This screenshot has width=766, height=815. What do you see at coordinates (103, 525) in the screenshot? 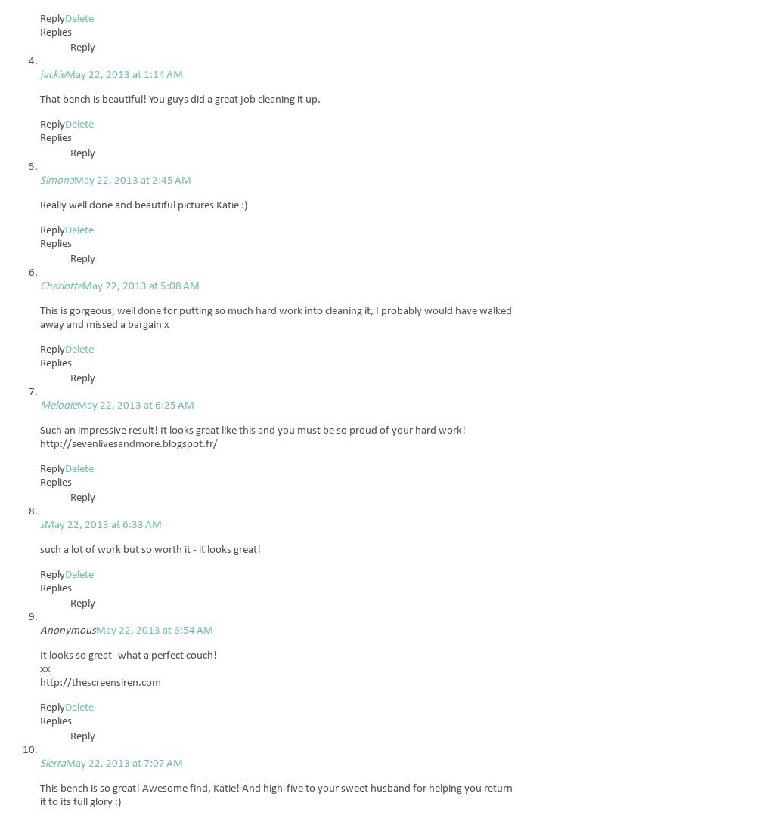
I see `'May 22, 2013 at 6:33 AM'` at bounding box center [103, 525].